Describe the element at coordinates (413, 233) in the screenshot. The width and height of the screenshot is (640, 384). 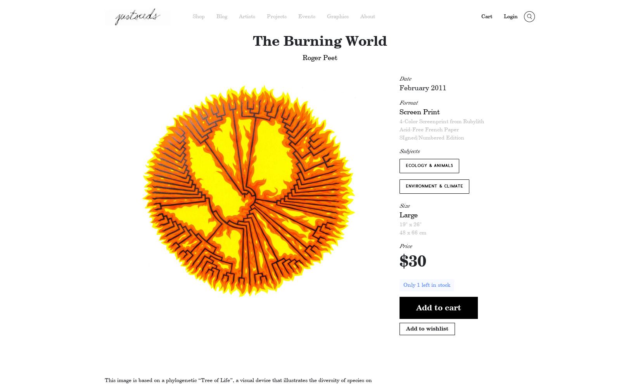
I see `'48 x 66 cm'` at that location.